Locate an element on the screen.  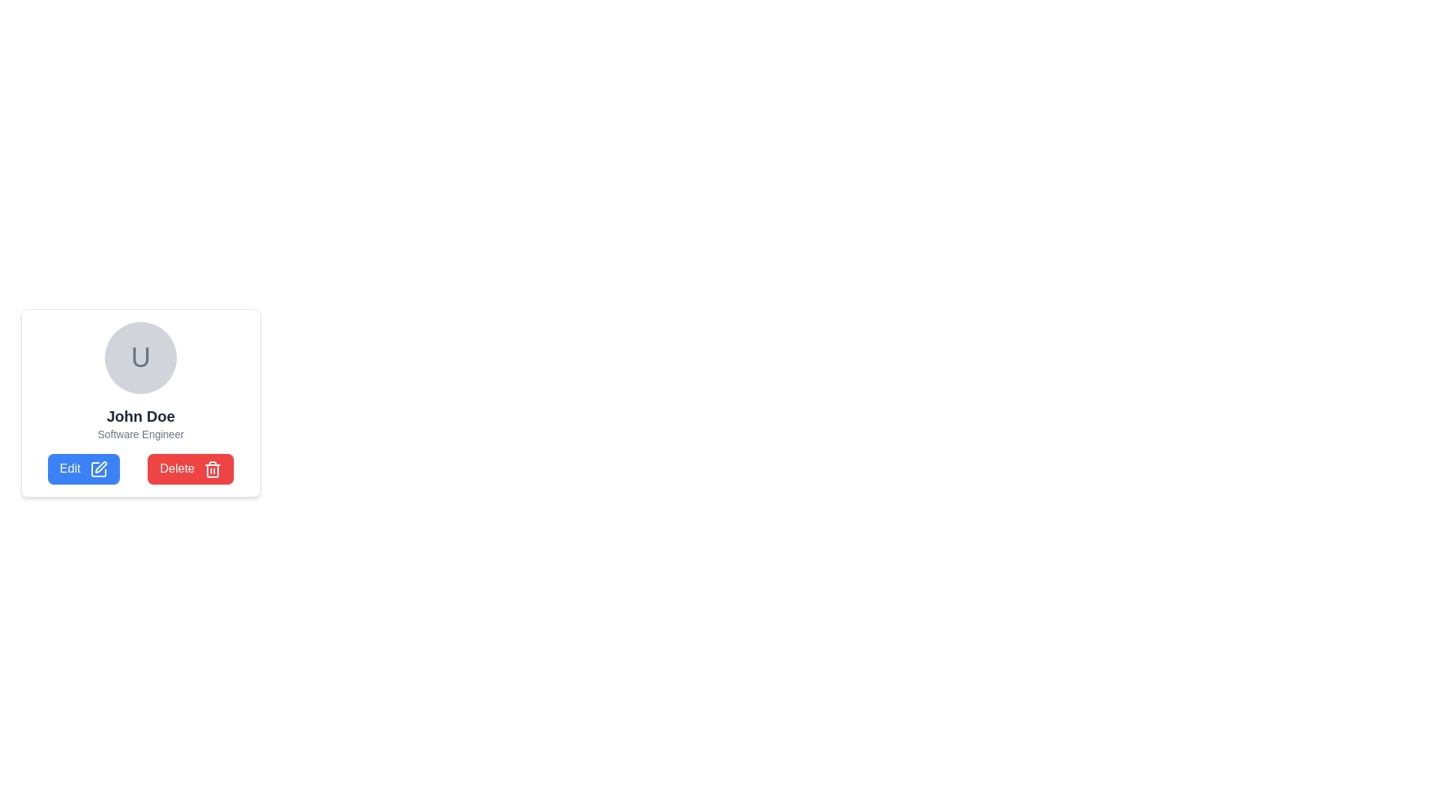
the red 'Delete' button in the horizontal option group located at the bottom of the card-like UI component below the text 'John Doe' and 'Software Engineer' is located at coordinates (140, 467).